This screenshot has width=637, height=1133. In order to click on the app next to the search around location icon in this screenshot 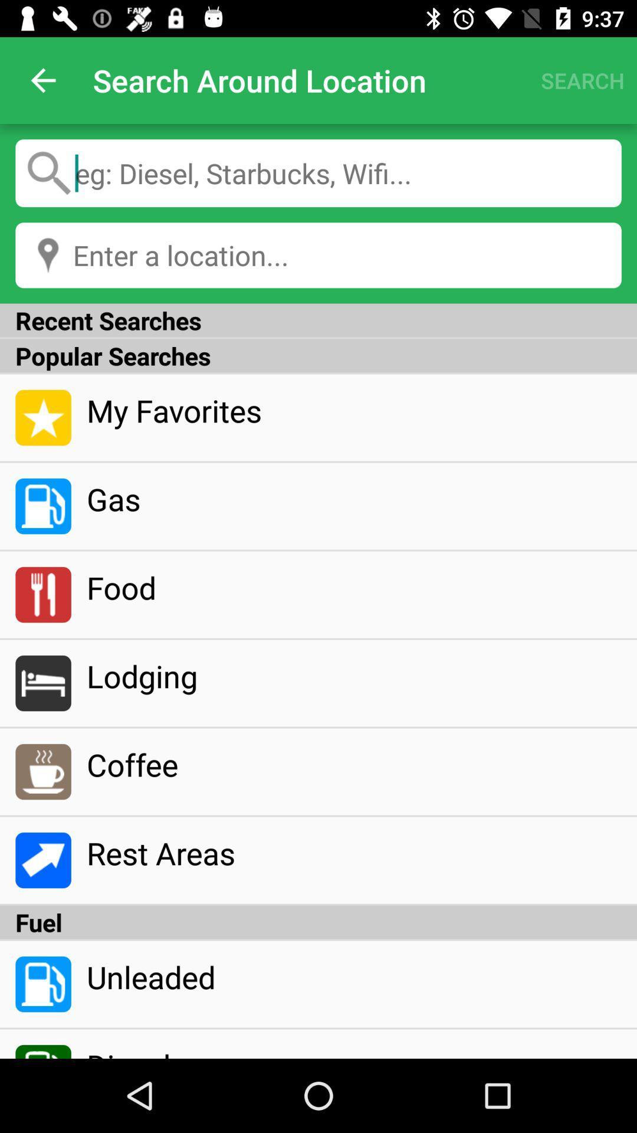, I will do `click(42, 80)`.